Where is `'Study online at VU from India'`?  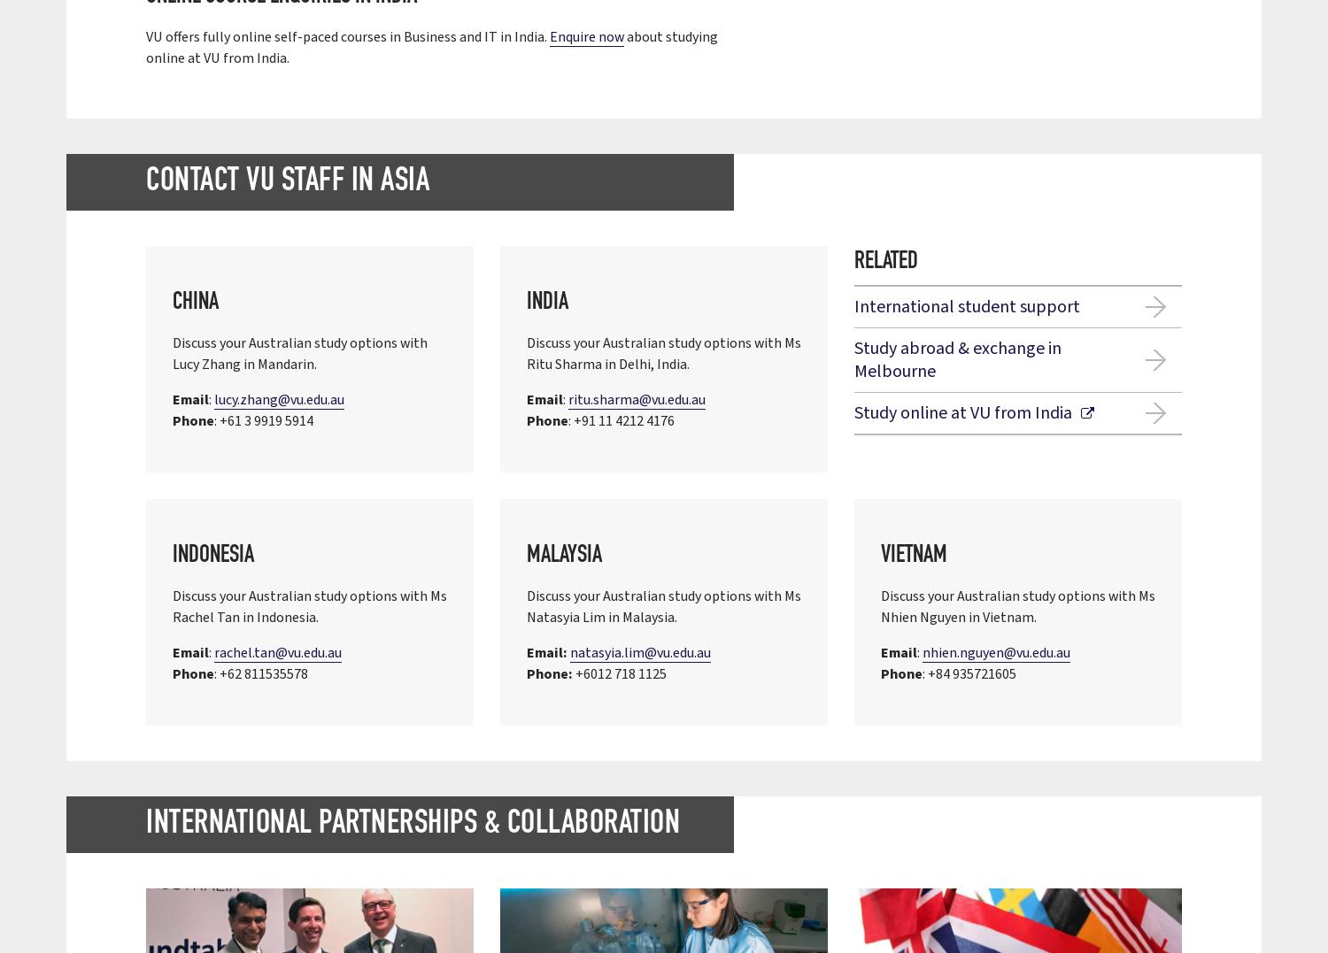 'Study online at VU from India' is located at coordinates (961, 412).